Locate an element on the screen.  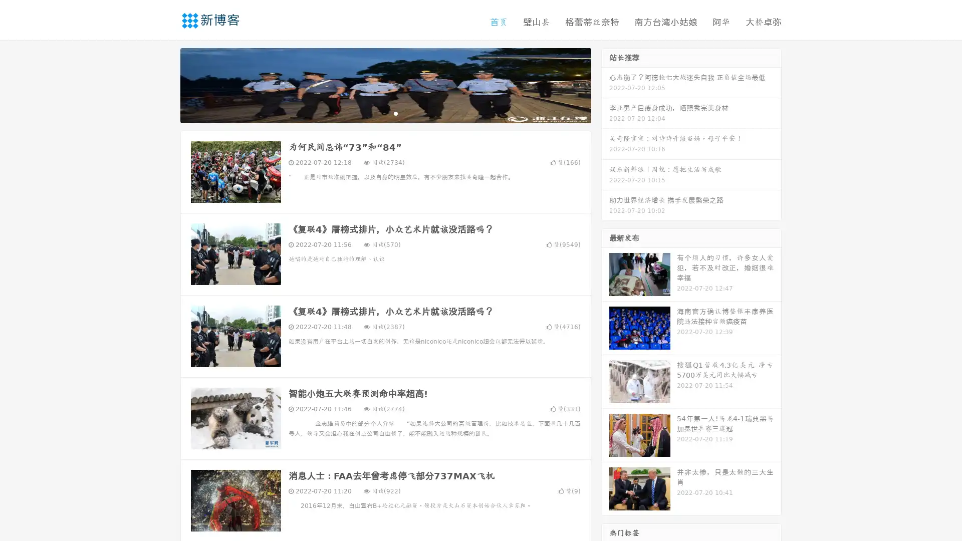
Go to slide 3 is located at coordinates (395, 113).